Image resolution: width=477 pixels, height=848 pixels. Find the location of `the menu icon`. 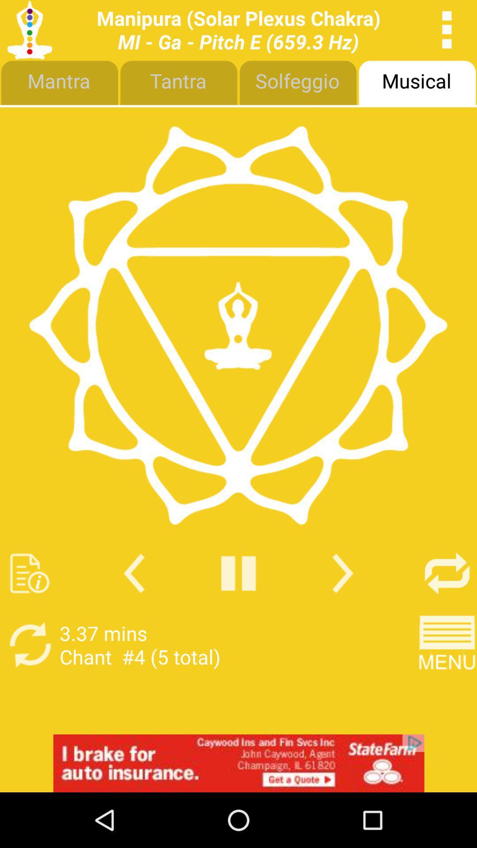

the menu icon is located at coordinates (447, 689).